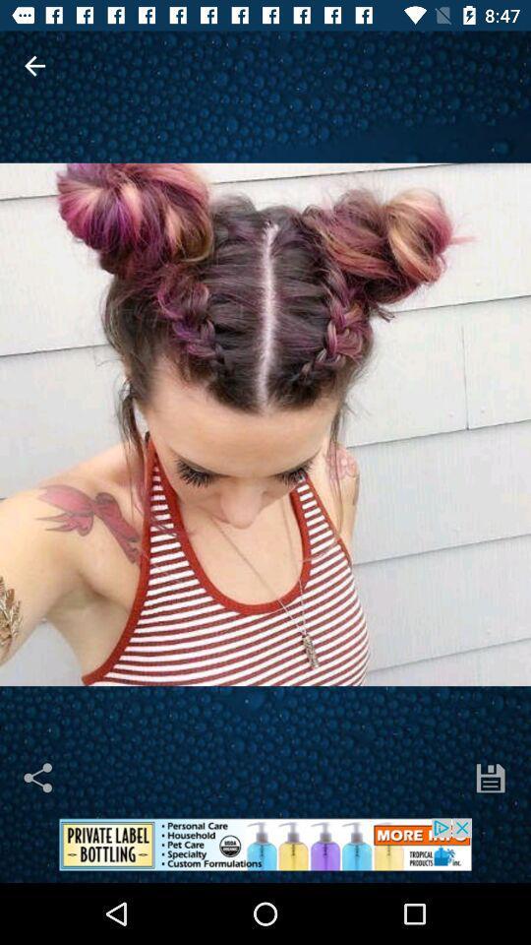 This screenshot has width=531, height=945. What do you see at coordinates (265, 850) in the screenshot?
I see `advertisement banner` at bounding box center [265, 850].